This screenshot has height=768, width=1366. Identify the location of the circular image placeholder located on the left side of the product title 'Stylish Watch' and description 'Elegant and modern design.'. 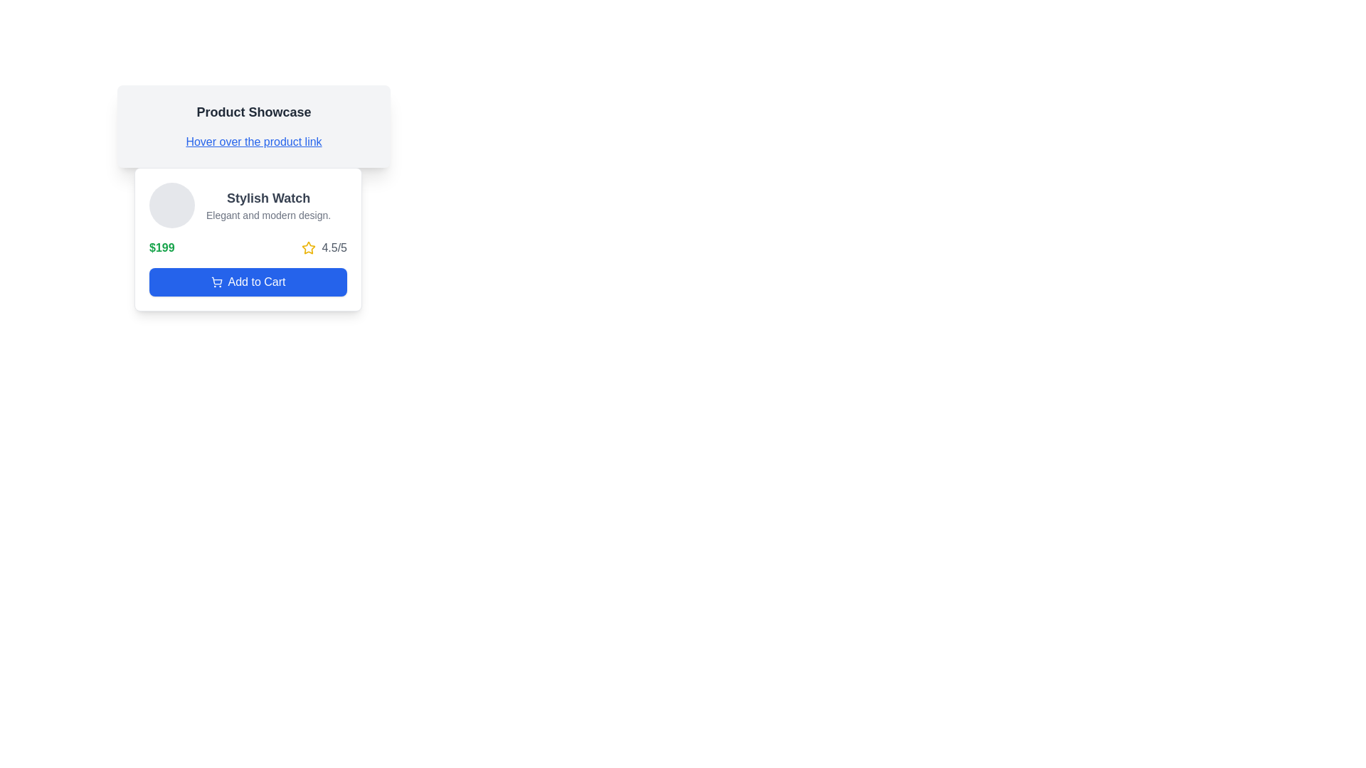
(171, 206).